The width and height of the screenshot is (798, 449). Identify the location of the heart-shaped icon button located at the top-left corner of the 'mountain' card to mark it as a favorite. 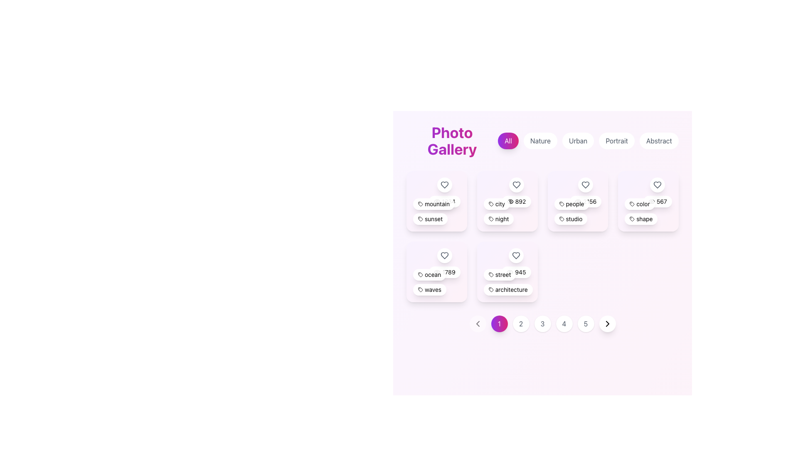
(444, 184).